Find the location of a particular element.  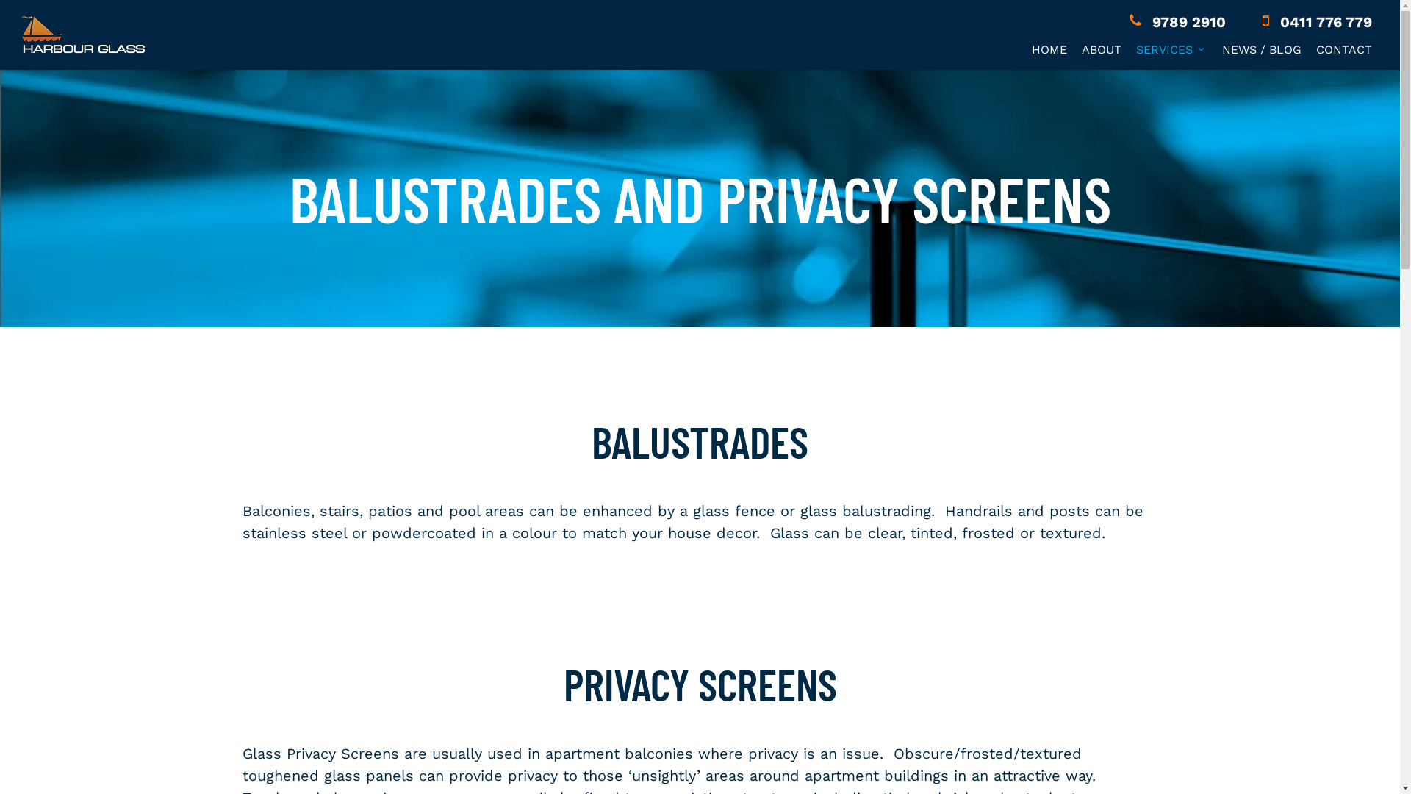

'0411 776 779' is located at coordinates (1262, 21).